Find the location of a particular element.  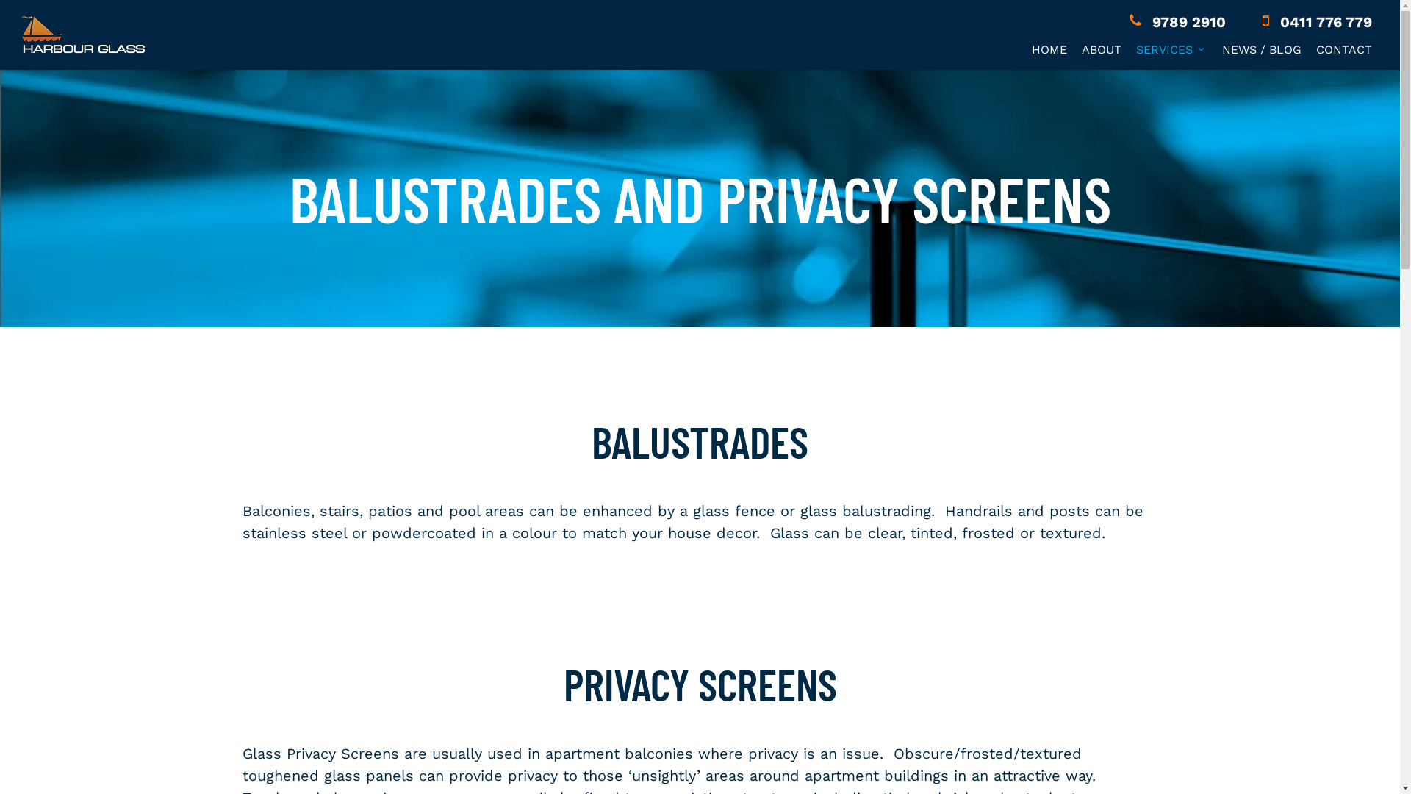

'0411 776 779' is located at coordinates (1262, 21).